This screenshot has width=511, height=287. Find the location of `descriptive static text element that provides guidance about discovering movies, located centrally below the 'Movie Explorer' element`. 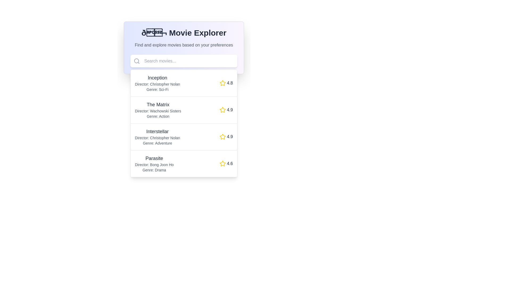

descriptive static text element that provides guidance about discovering movies, located centrally below the 'Movie Explorer' element is located at coordinates (184, 45).